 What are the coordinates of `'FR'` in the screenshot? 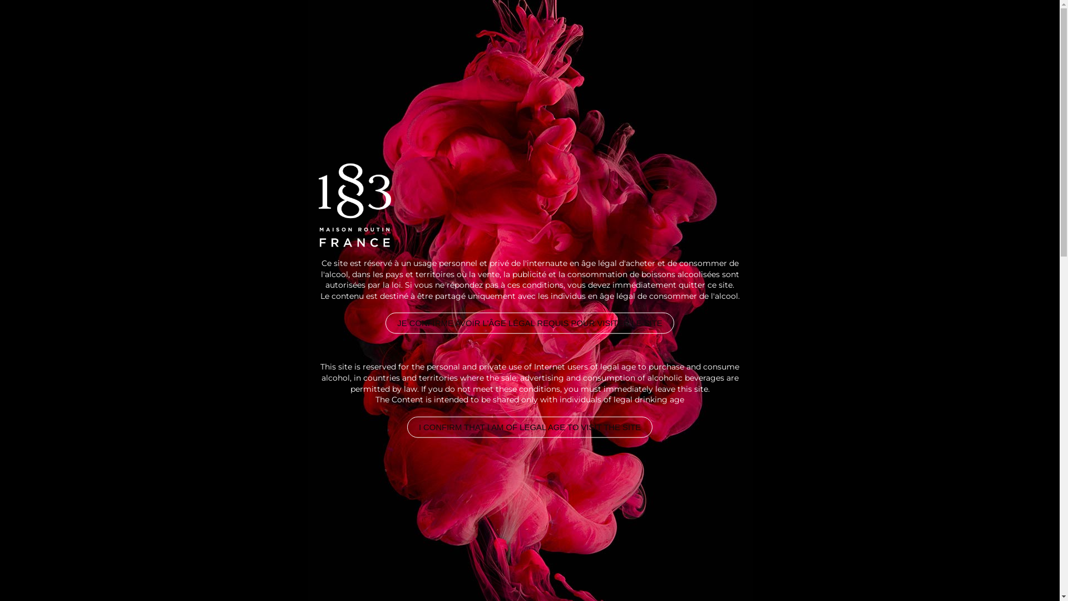 It's located at (938, 45).